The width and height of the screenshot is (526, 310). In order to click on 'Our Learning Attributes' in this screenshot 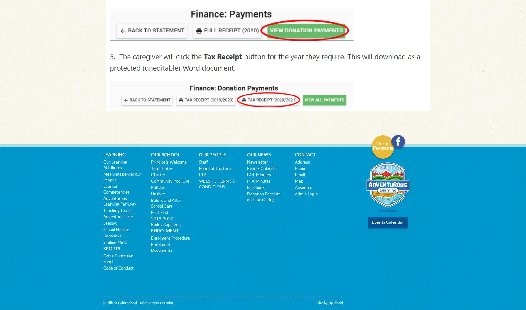, I will do `click(115, 165)`.